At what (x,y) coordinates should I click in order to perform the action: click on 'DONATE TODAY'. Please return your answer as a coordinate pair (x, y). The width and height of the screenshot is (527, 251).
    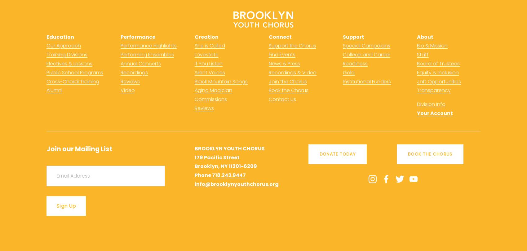
    Looking at the image, I should click on (337, 154).